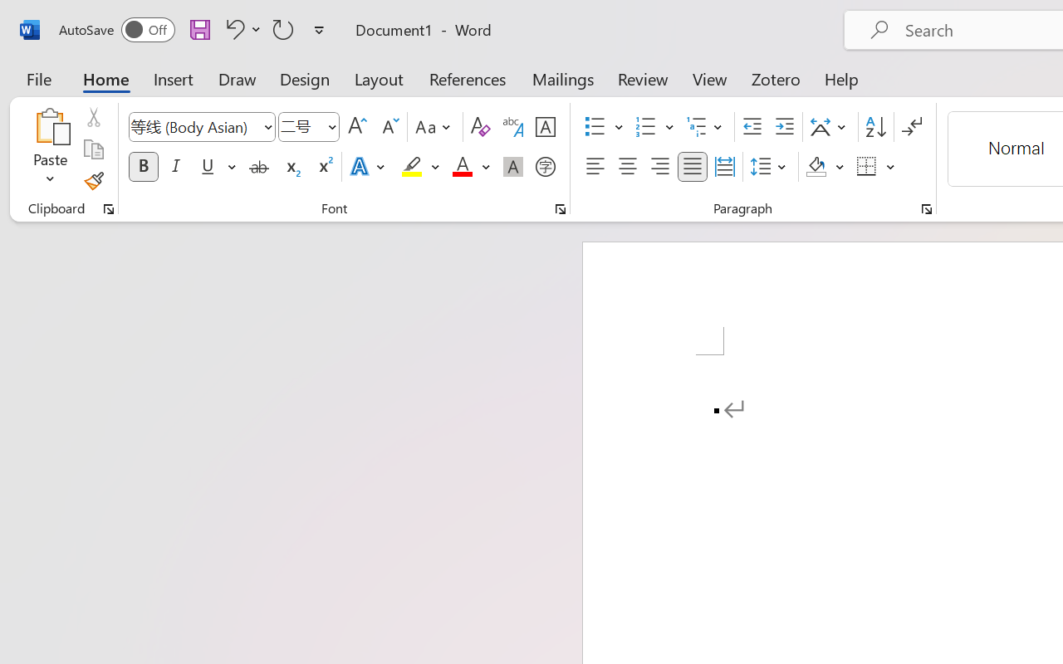 This screenshot has width=1063, height=664. Describe the element at coordinates (240, 28) in the screenshot. I see `'Undo Apply Quick Style'` at that location.